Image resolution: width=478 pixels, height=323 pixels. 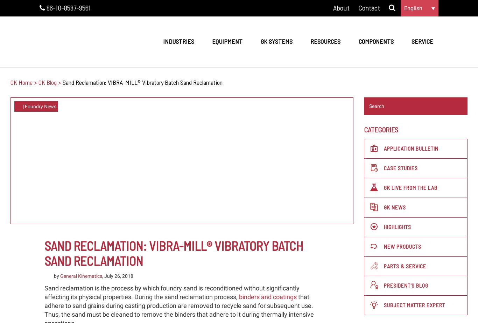 What do you see at coordinates (411, 41) in the screenshot?
I see `'Service'` at bounding box center [411, 41].